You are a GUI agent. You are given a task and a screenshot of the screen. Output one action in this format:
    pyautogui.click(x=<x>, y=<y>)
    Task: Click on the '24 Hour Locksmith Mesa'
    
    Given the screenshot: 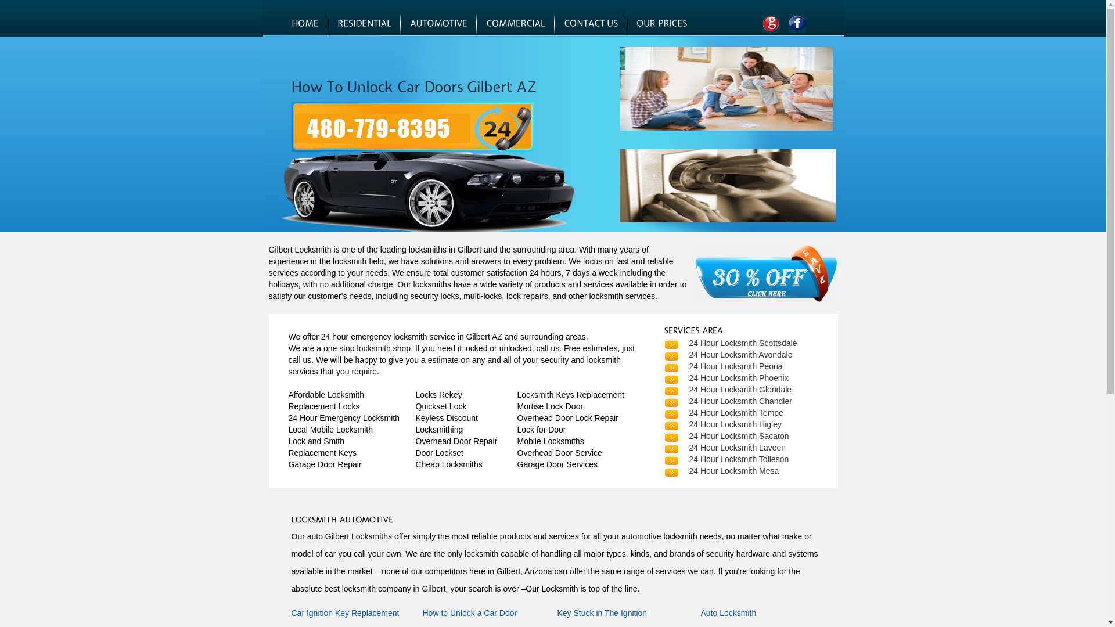 What is the action you would take?
    pyautogui.click(x=719, y=470)
    